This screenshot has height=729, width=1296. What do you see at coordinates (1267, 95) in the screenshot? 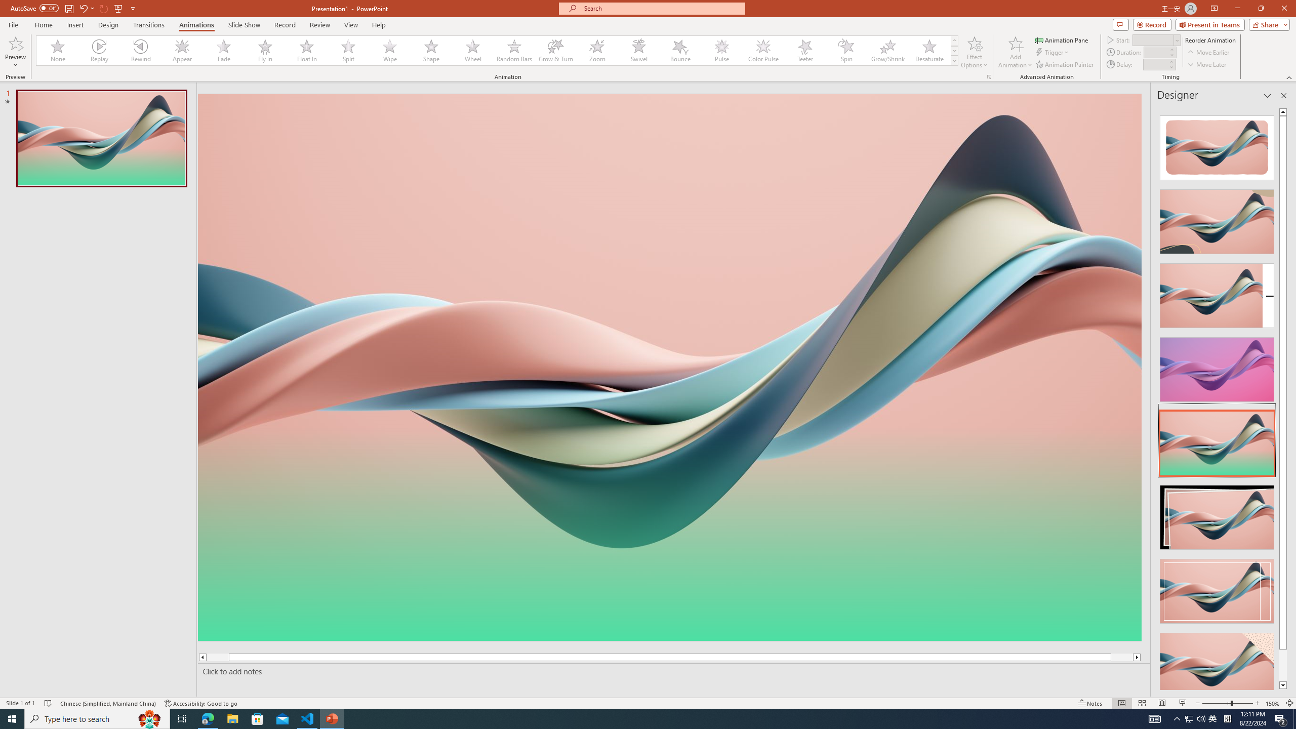
I see `'Task Pane Options'` at bounding box center [1267, 95].